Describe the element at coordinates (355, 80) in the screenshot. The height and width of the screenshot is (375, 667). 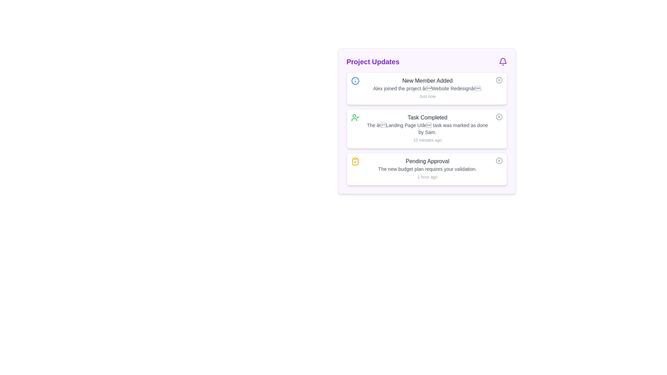
I see `the blue-themed SVG circle element that symbolizes informational content, located within the 'New Member Added' notification card` at that location.